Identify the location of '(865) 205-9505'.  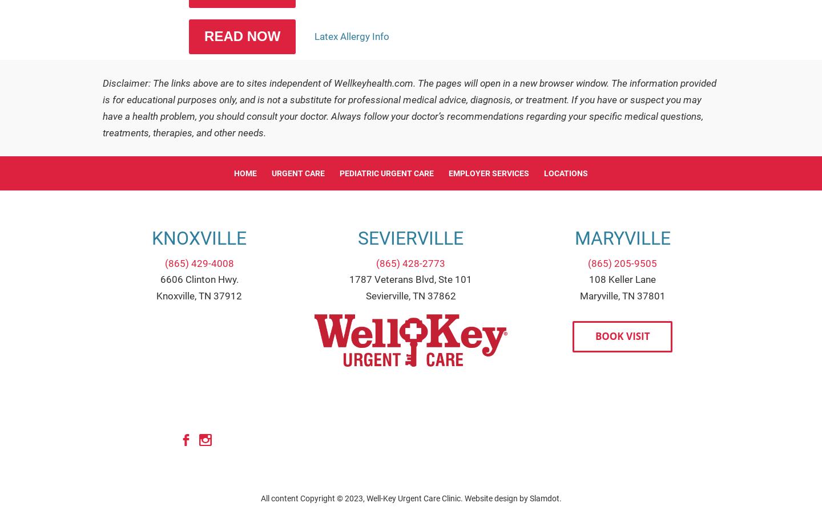
(622, 262).